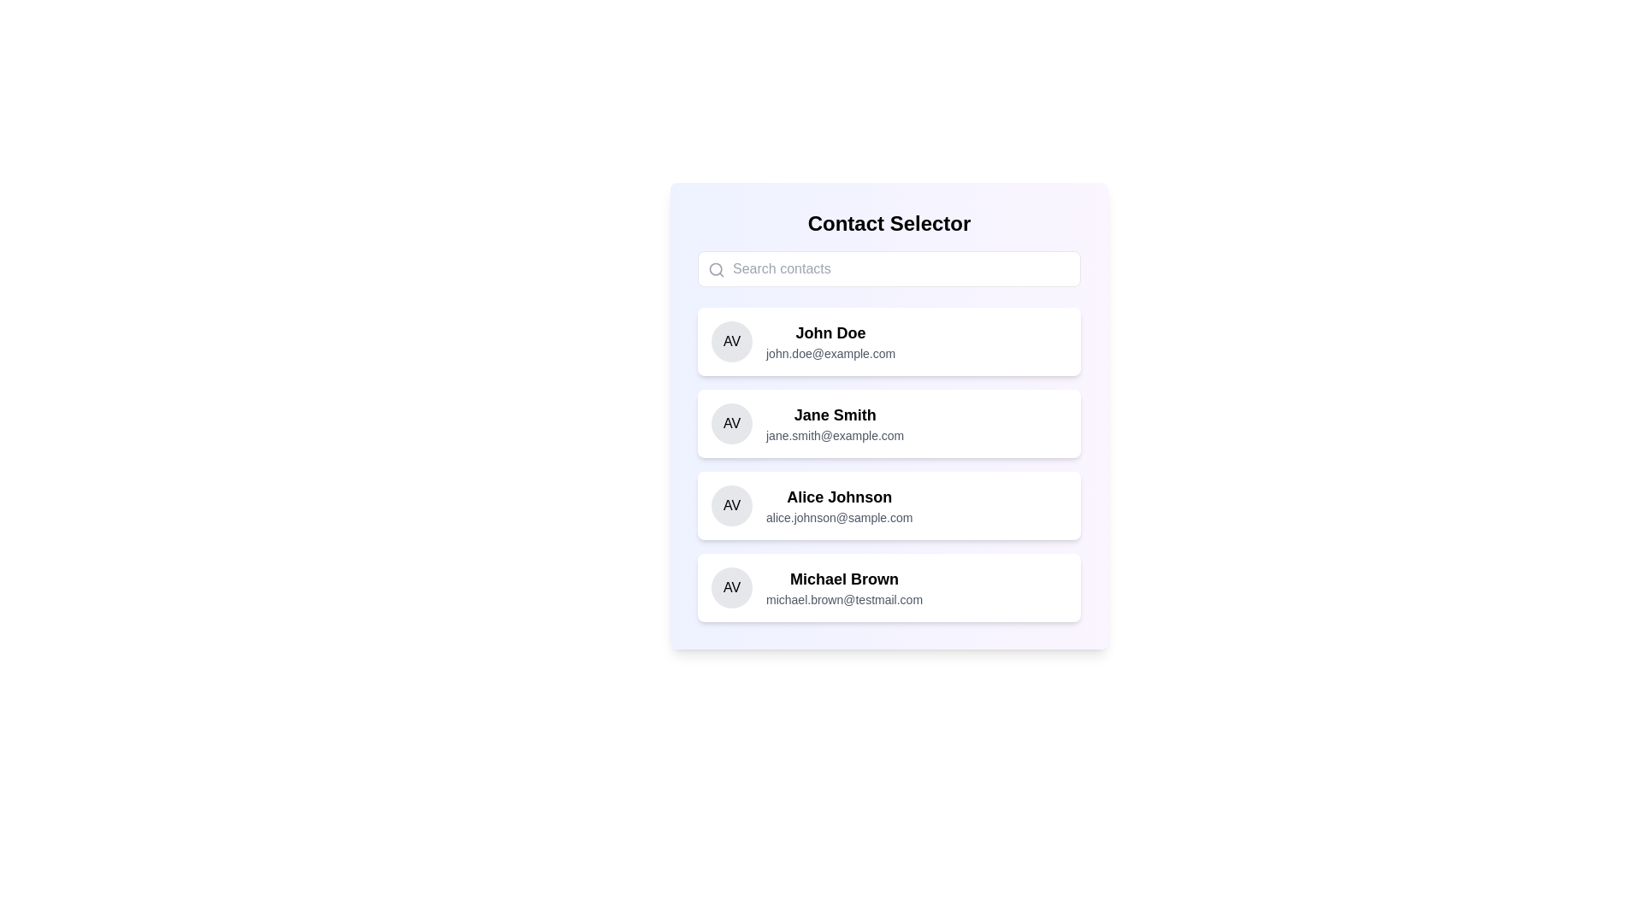 The height and width of the screenshot is (923, 1642). I want to click on the text label displaying 'Alice Johnson' which is part of the third contact entry in the 'Contact Selector' section, so click(839, 497).